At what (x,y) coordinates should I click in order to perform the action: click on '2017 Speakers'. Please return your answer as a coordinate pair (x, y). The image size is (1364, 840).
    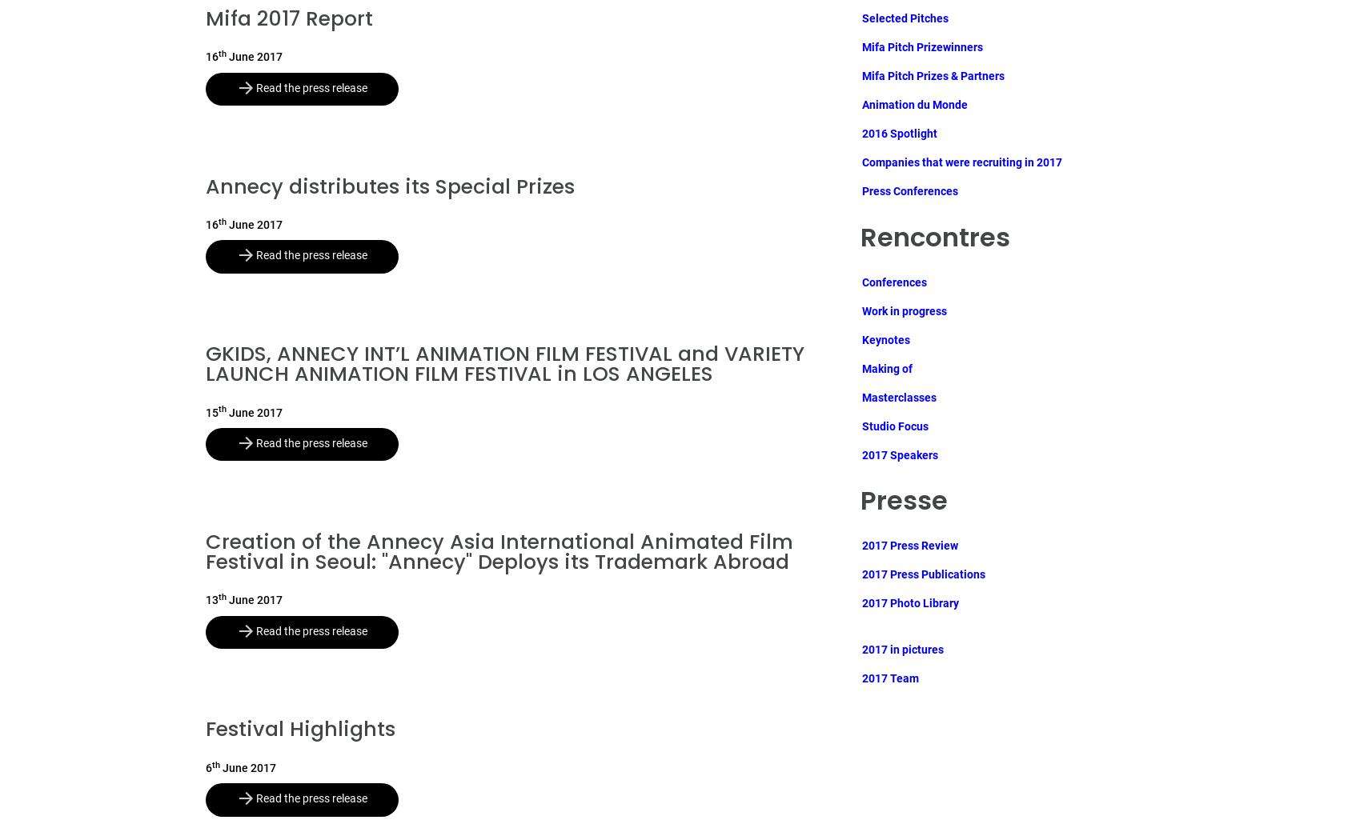
    Looking at the image, I should click on (899, 454).